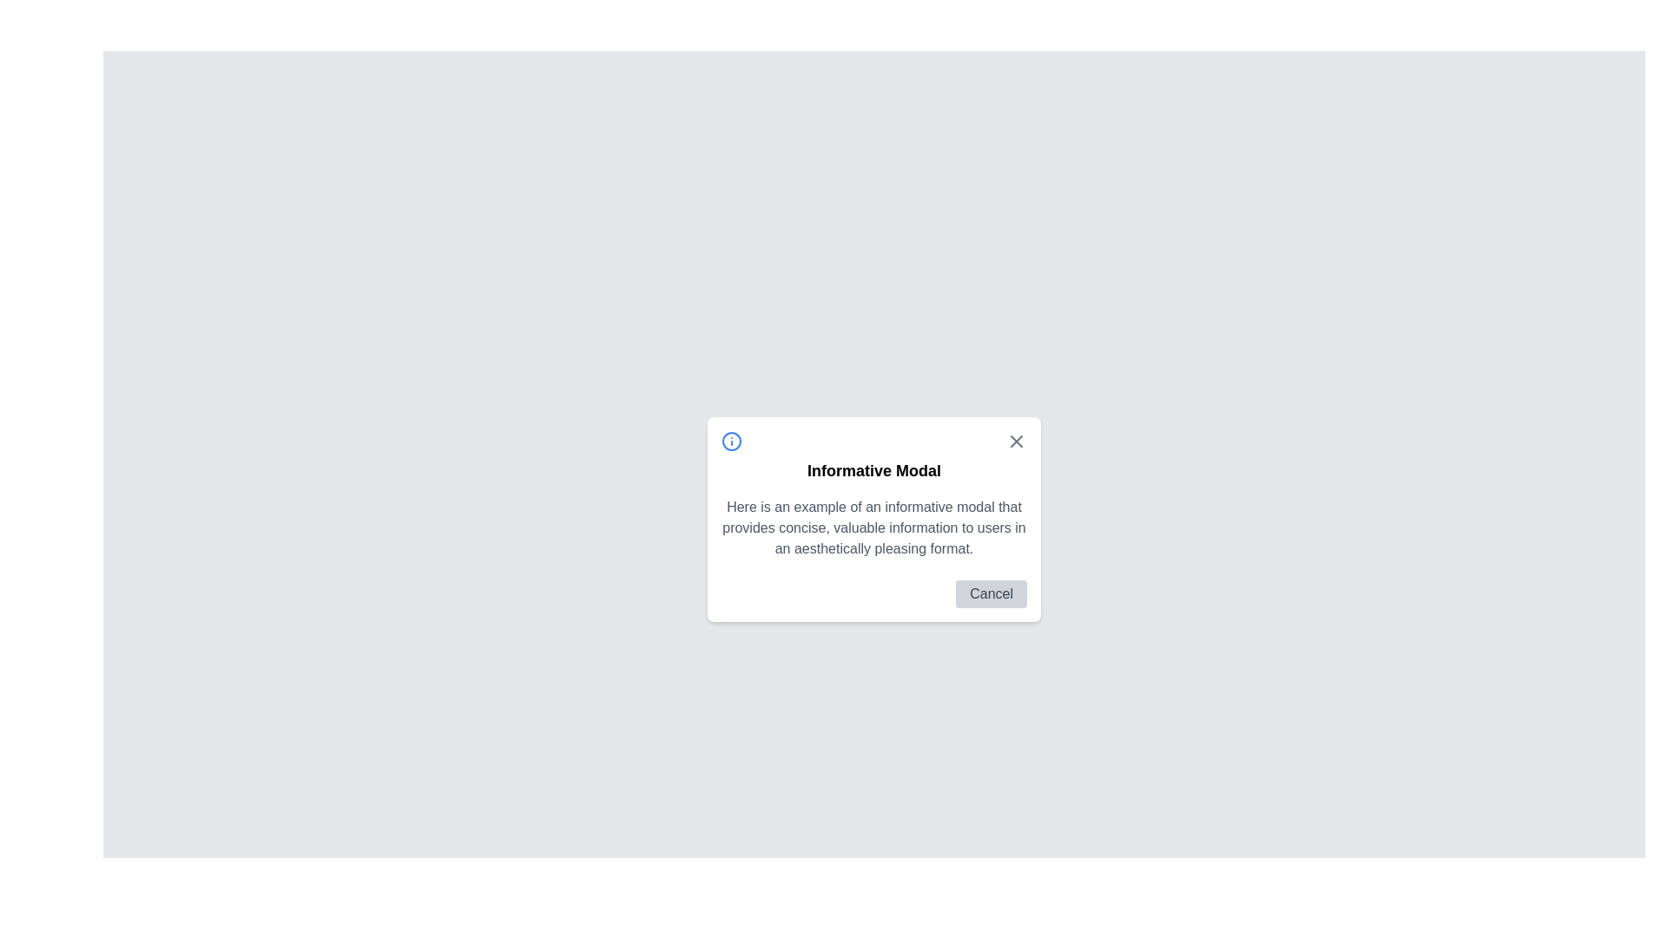  Describe the element at coordinates (732, 441) in the screenshot. I see `circular SVG element representing the 'info' symbol located at the upper-left corner of the modal dialog titled 'Informative Modal'` at that location.